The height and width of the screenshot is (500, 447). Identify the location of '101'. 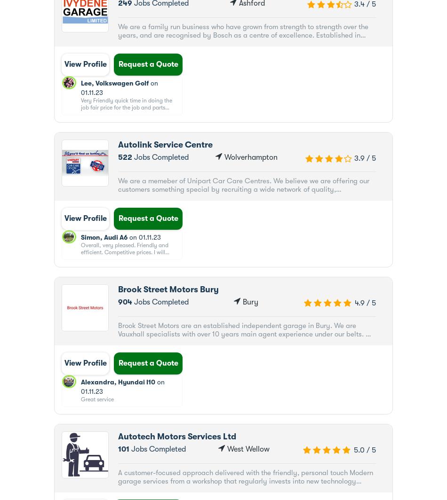
(123, 449).